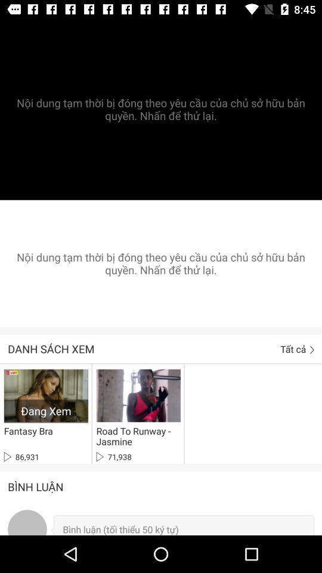  Describe the element at coordinates (28, 430) in the screenshot. I see `the fantasy bra item` at that location.